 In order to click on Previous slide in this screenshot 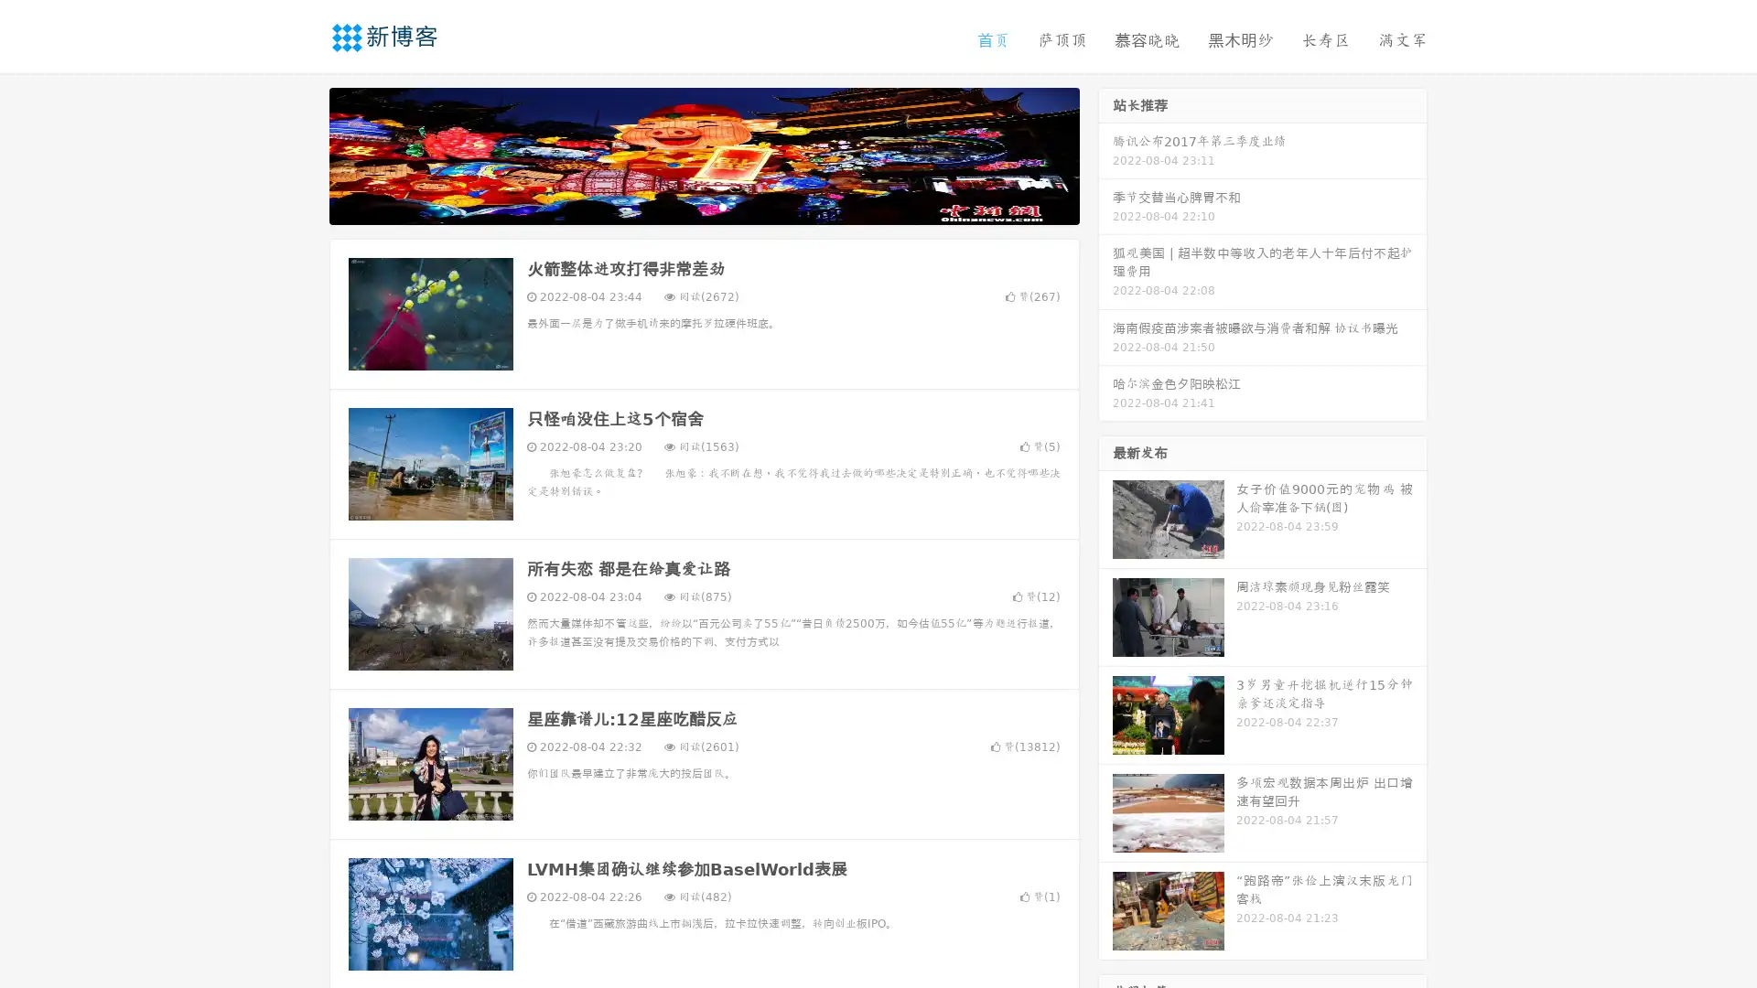, I will do `click(302, 154)`.